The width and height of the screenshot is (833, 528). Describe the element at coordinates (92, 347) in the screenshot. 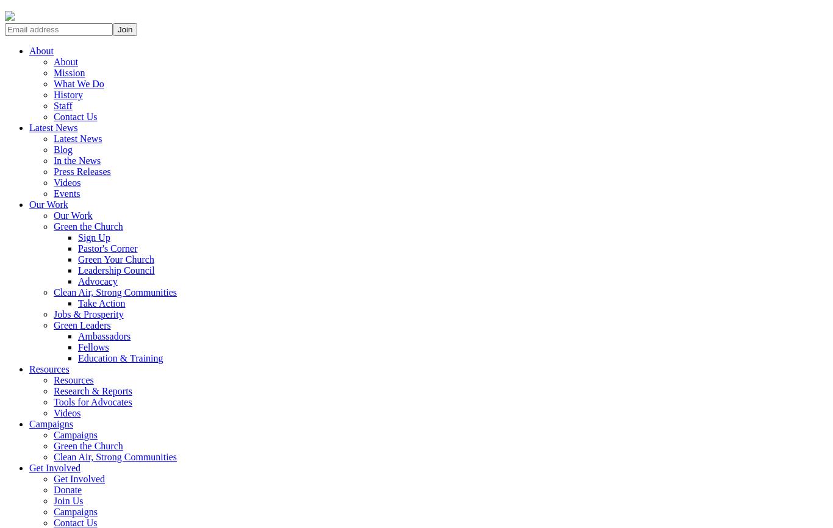

I see `'Fellows'` at that location.